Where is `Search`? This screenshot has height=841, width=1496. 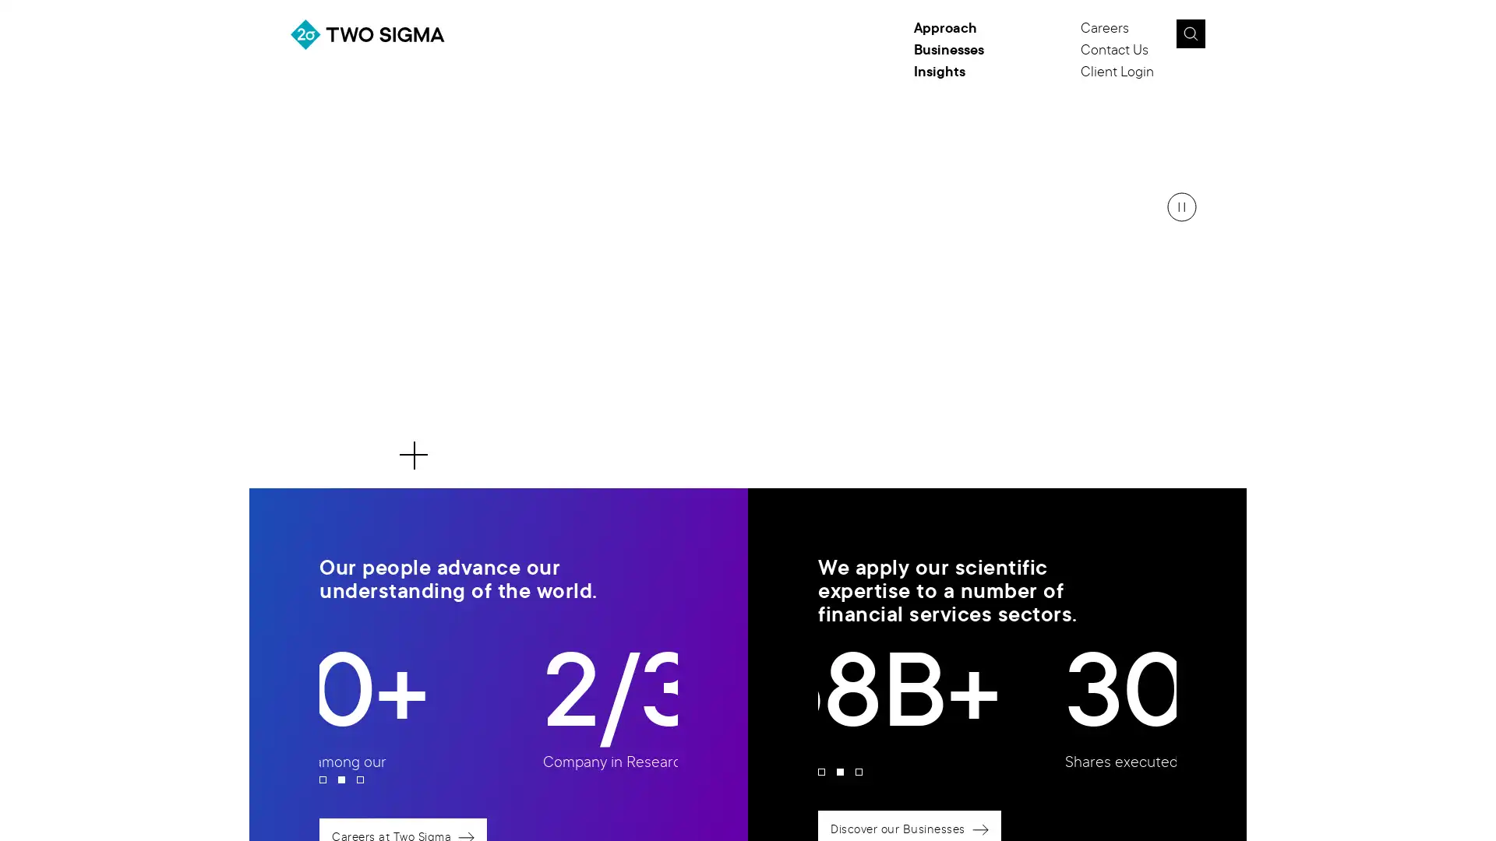 Search is located at coordinates (1226, 38).